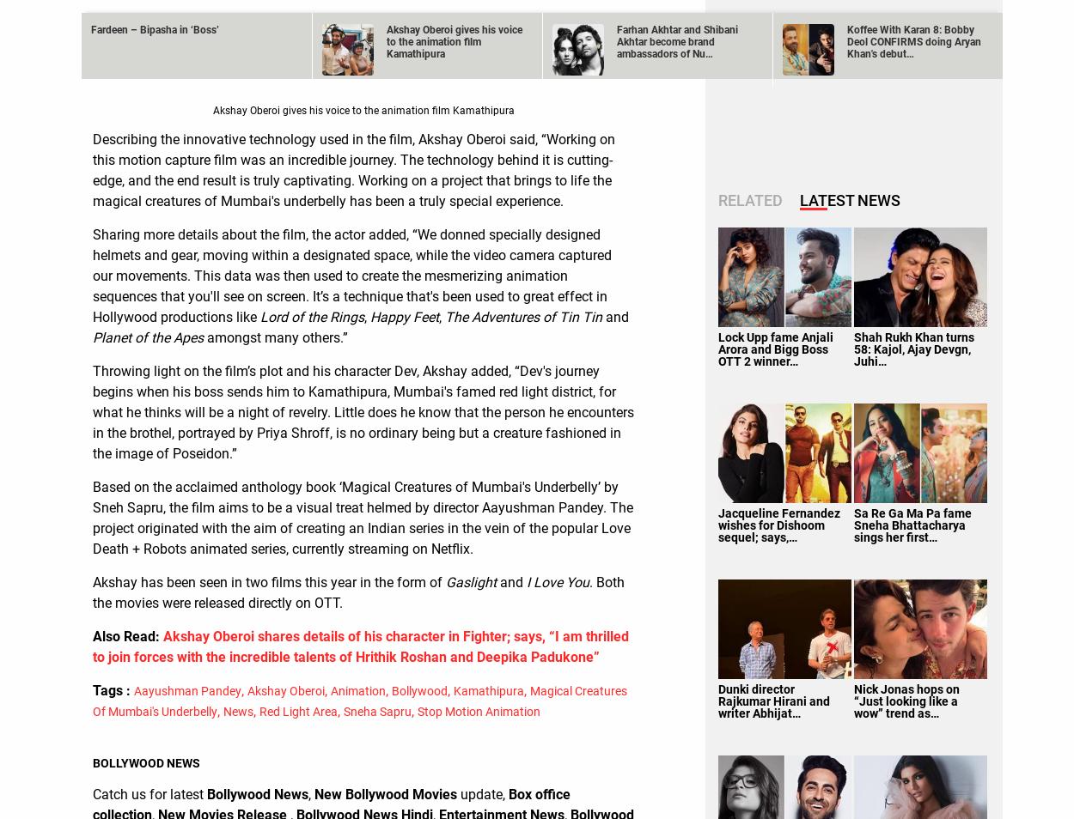 The image size is (1074, 819). Describe the element at coordinates (404, 316) in the screenshot. I see `'Happy Feet'` at that location.